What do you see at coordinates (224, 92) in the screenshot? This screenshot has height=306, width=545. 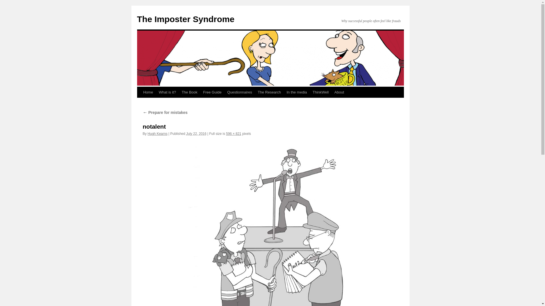 I see `'Questionnaires'` at bounding box center [224, 92].